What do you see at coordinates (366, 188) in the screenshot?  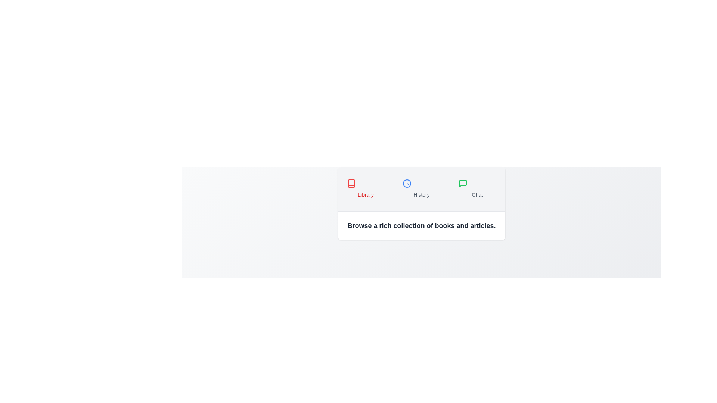 I see `the Library tab` at bounding box center [366, 188].